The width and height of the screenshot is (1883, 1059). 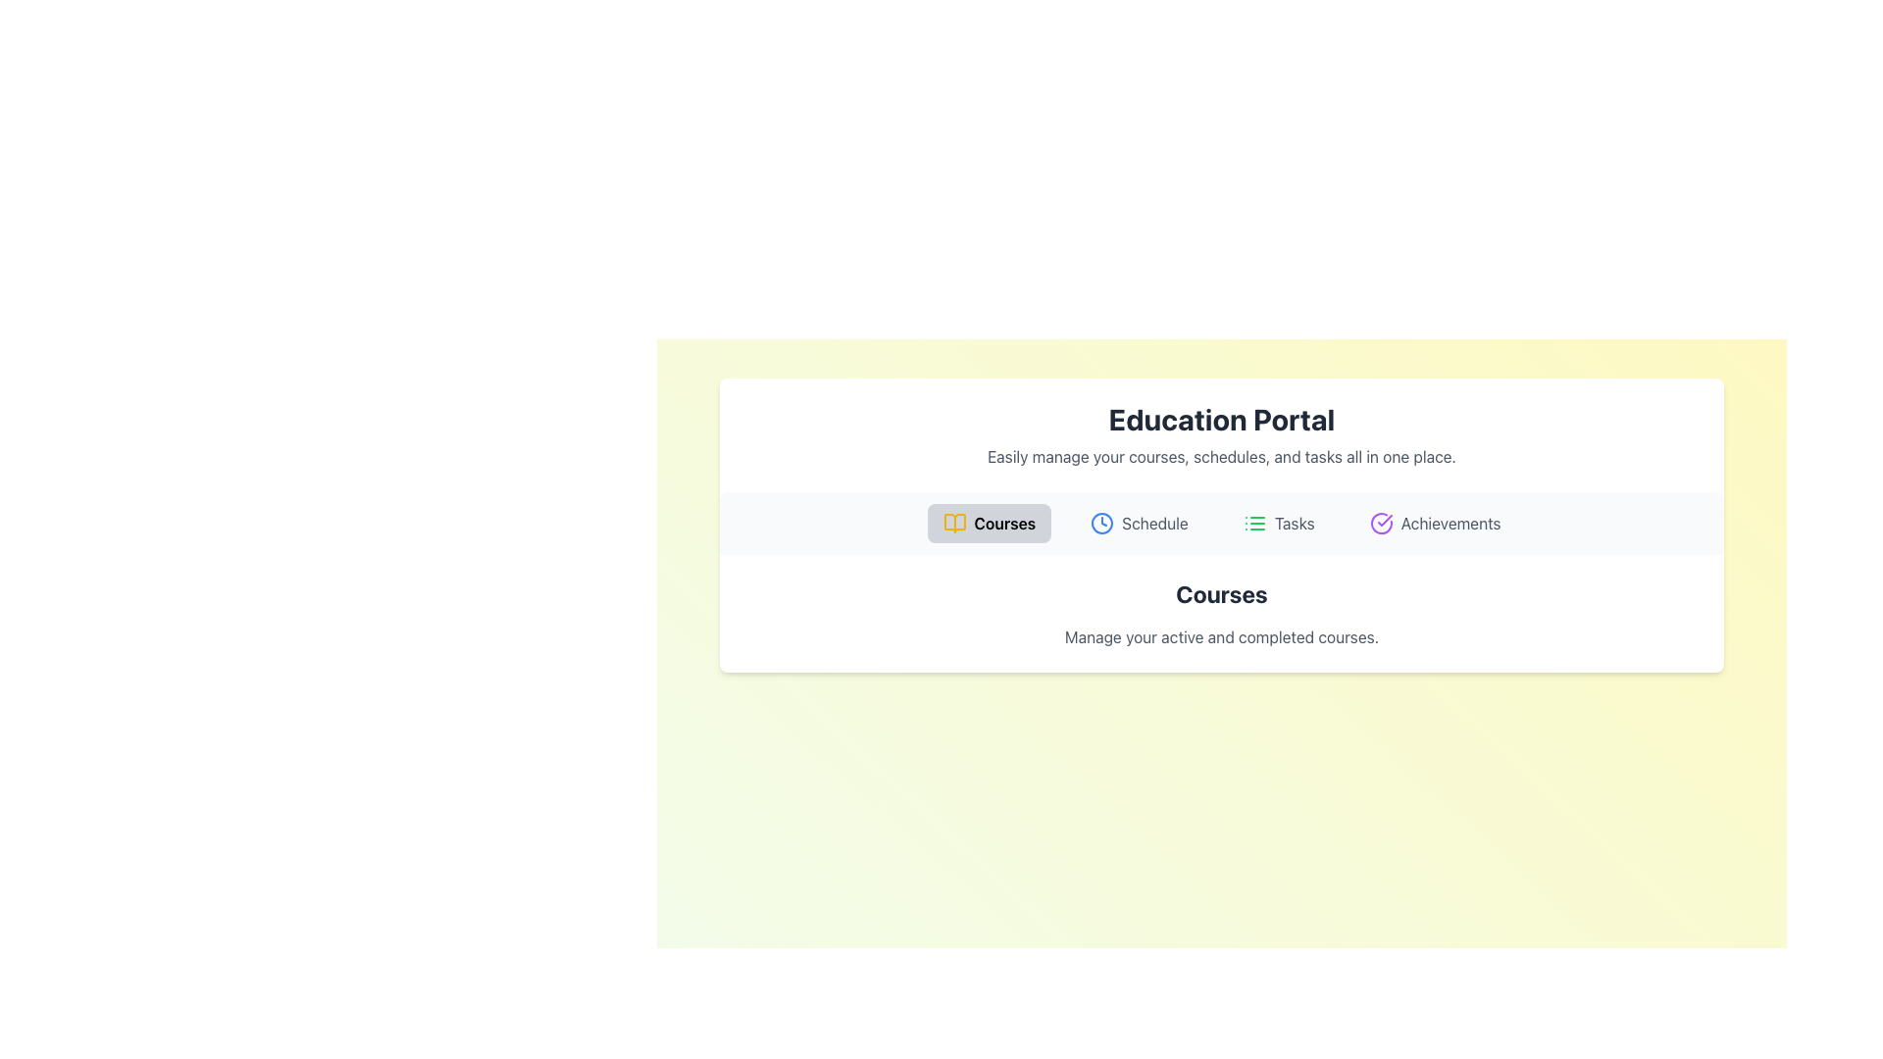 What do you see at coordinates (1279, 522) in the screenshot?
I see `the 'Tasks' navigation button located in the navigation bar` at bounding box center [1279, 522].